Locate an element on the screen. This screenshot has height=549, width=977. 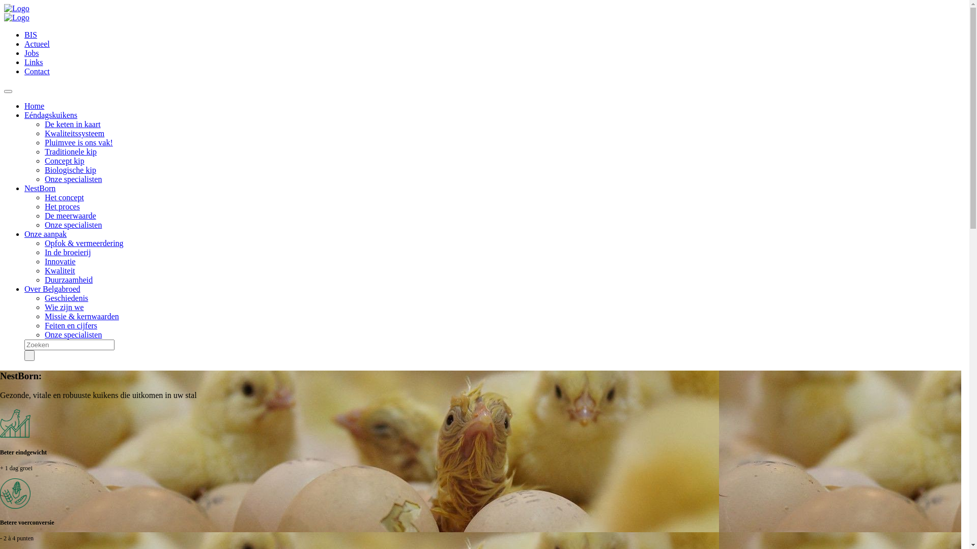
'Kwaliteitssysteem' is located at coordinates (74, 133).